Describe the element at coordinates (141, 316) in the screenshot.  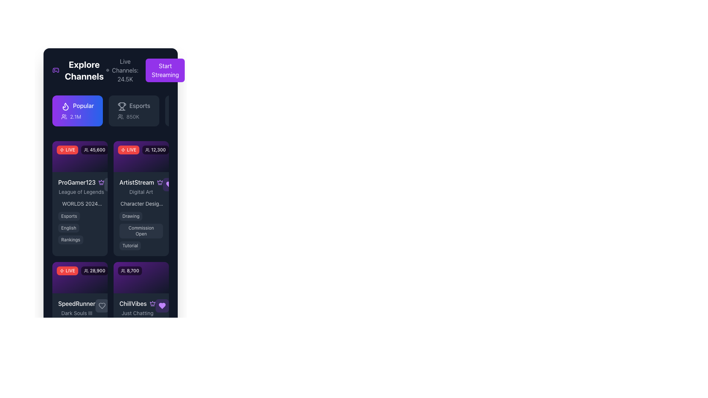
I see `the clickable card with a dark gray background and a purple gradient at the top, displaying '8,700', 'ChillVibes', and a purple heart icon` at that location.